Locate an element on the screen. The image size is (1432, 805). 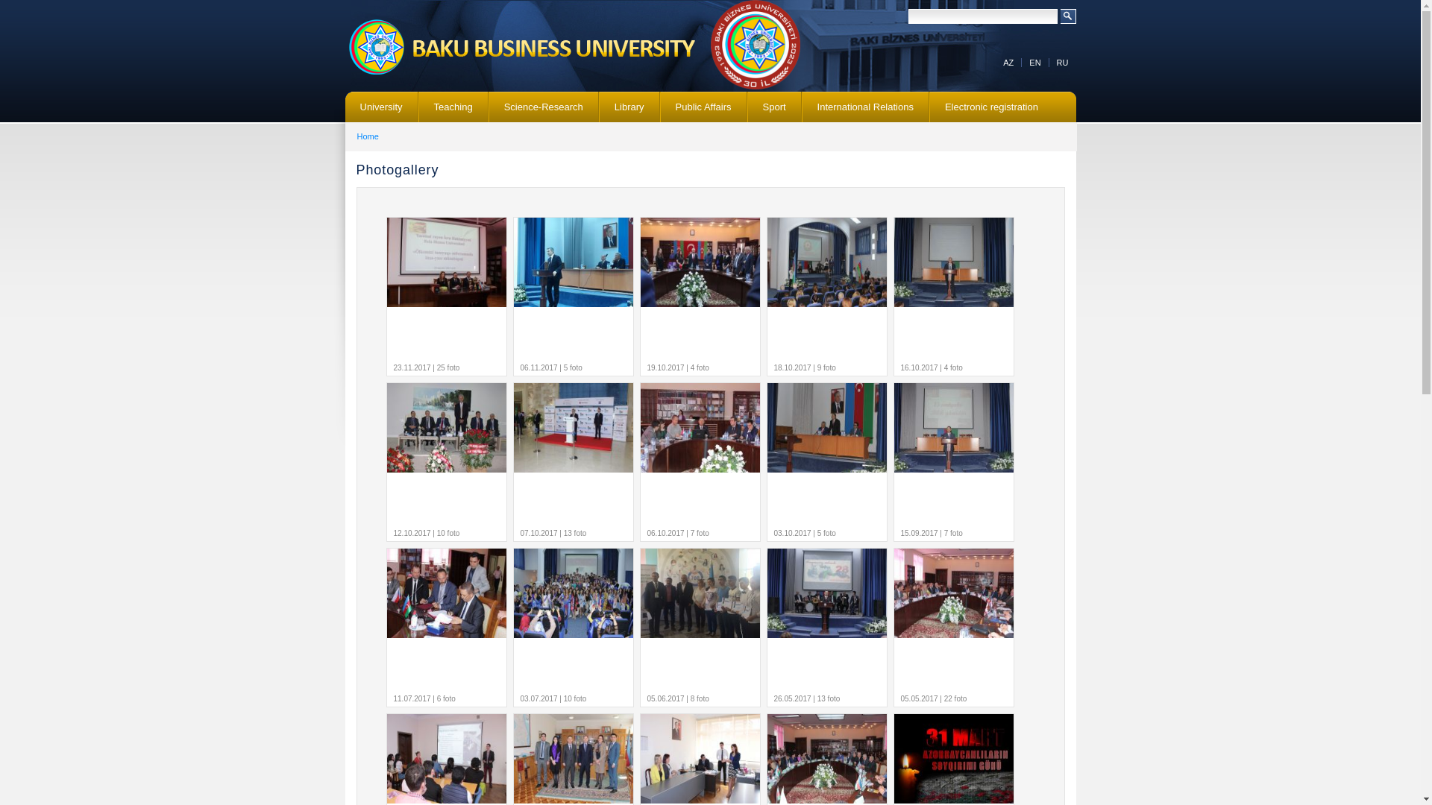
'EN' is located at coordinates (1034, 62).